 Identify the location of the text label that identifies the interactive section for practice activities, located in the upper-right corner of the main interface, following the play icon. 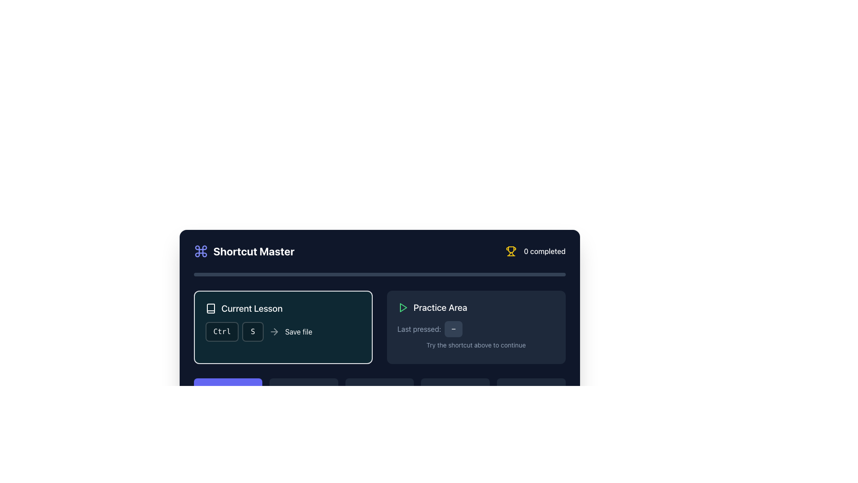
(440, 307).